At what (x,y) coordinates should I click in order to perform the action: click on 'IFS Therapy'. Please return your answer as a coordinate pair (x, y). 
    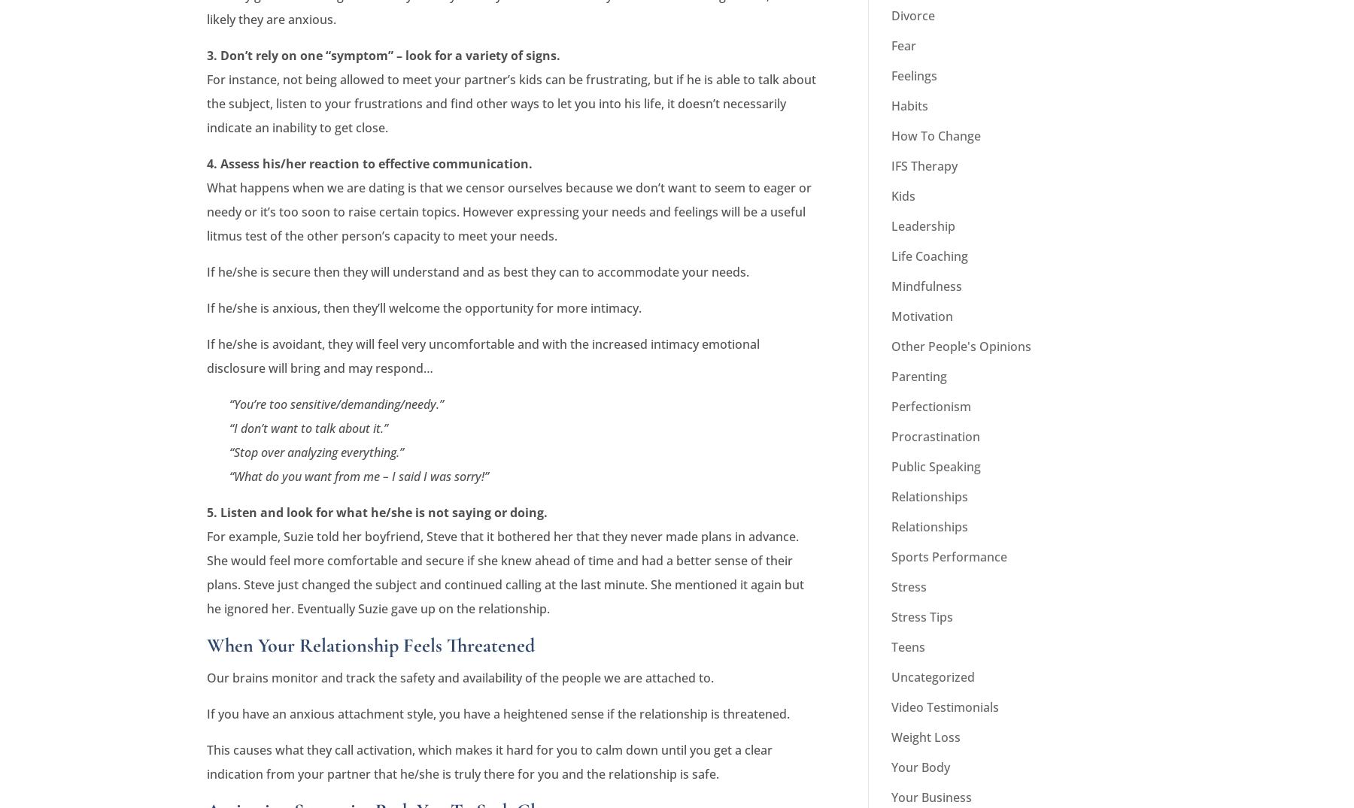
    Looking at the image, I should click on (890, 165).